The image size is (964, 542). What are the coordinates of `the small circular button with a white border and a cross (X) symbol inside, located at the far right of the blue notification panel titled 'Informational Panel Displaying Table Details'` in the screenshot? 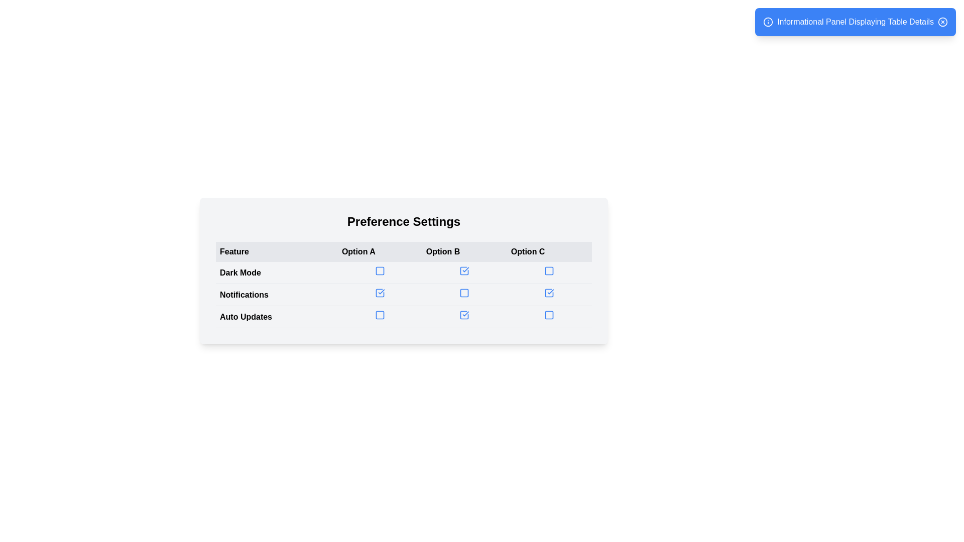 It's located at (942, 22).